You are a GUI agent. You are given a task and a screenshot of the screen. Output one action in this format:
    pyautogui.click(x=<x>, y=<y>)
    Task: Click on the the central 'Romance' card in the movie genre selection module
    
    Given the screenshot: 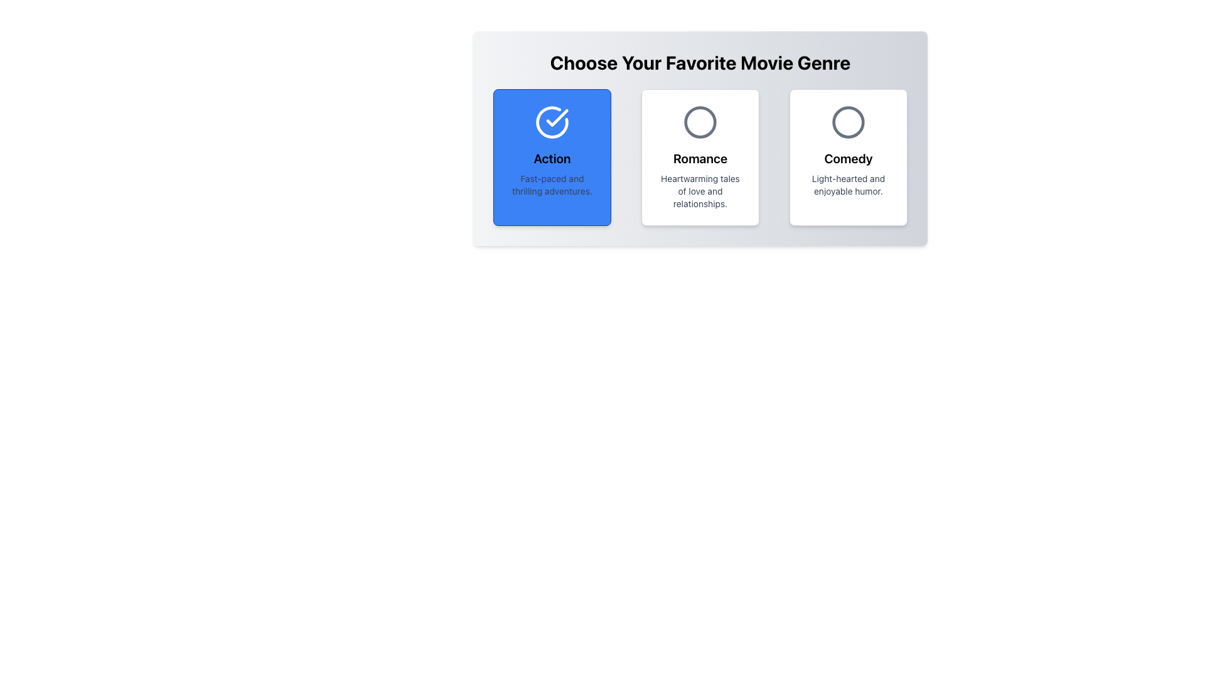 What is the action you would take?
    pyautogui.click(x=700, y=138)
    